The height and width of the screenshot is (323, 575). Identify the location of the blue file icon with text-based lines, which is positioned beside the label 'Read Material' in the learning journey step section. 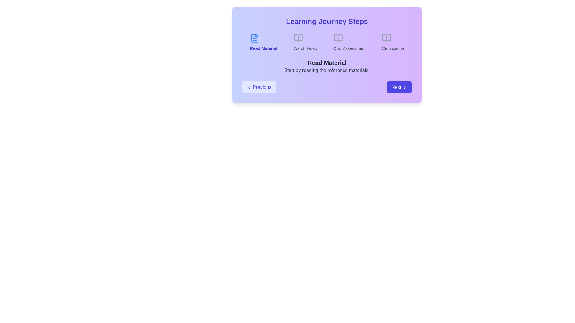
(255, 38).